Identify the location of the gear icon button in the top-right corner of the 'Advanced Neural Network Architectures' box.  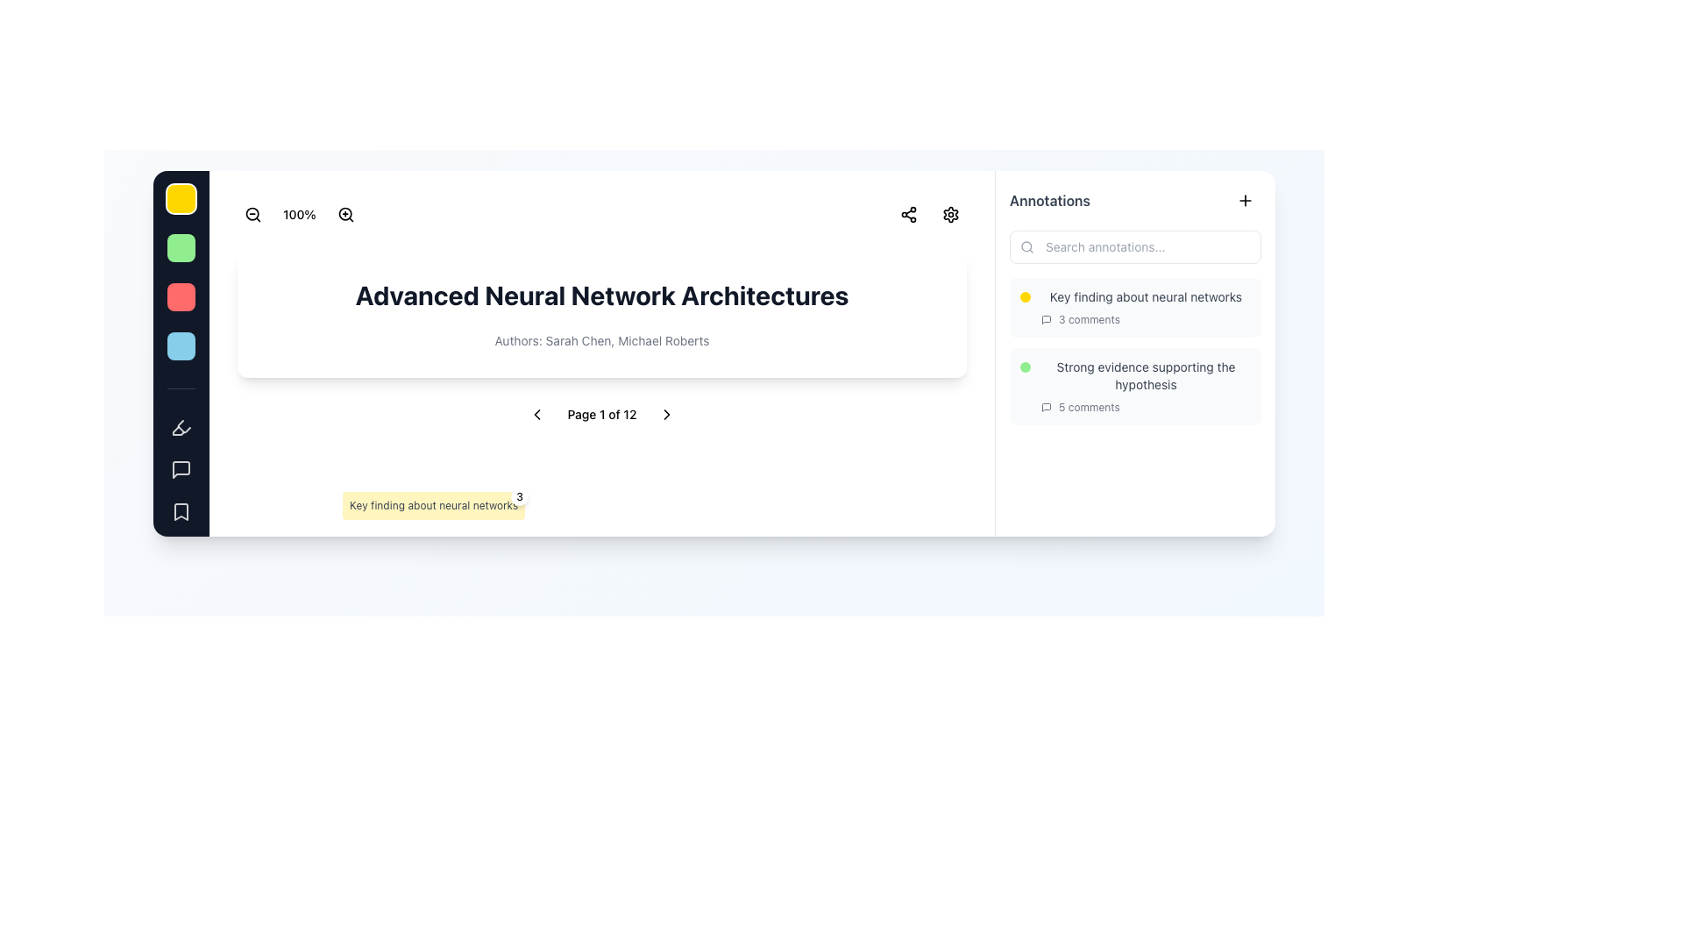
(949, 214).